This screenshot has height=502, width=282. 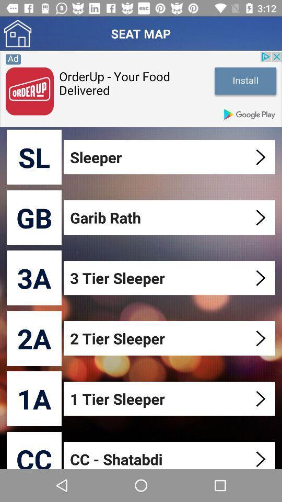 What do you see at coordinates (141, 88) in the screenshot?
I see `information about the advertisement` at bounding box center [141, 88].